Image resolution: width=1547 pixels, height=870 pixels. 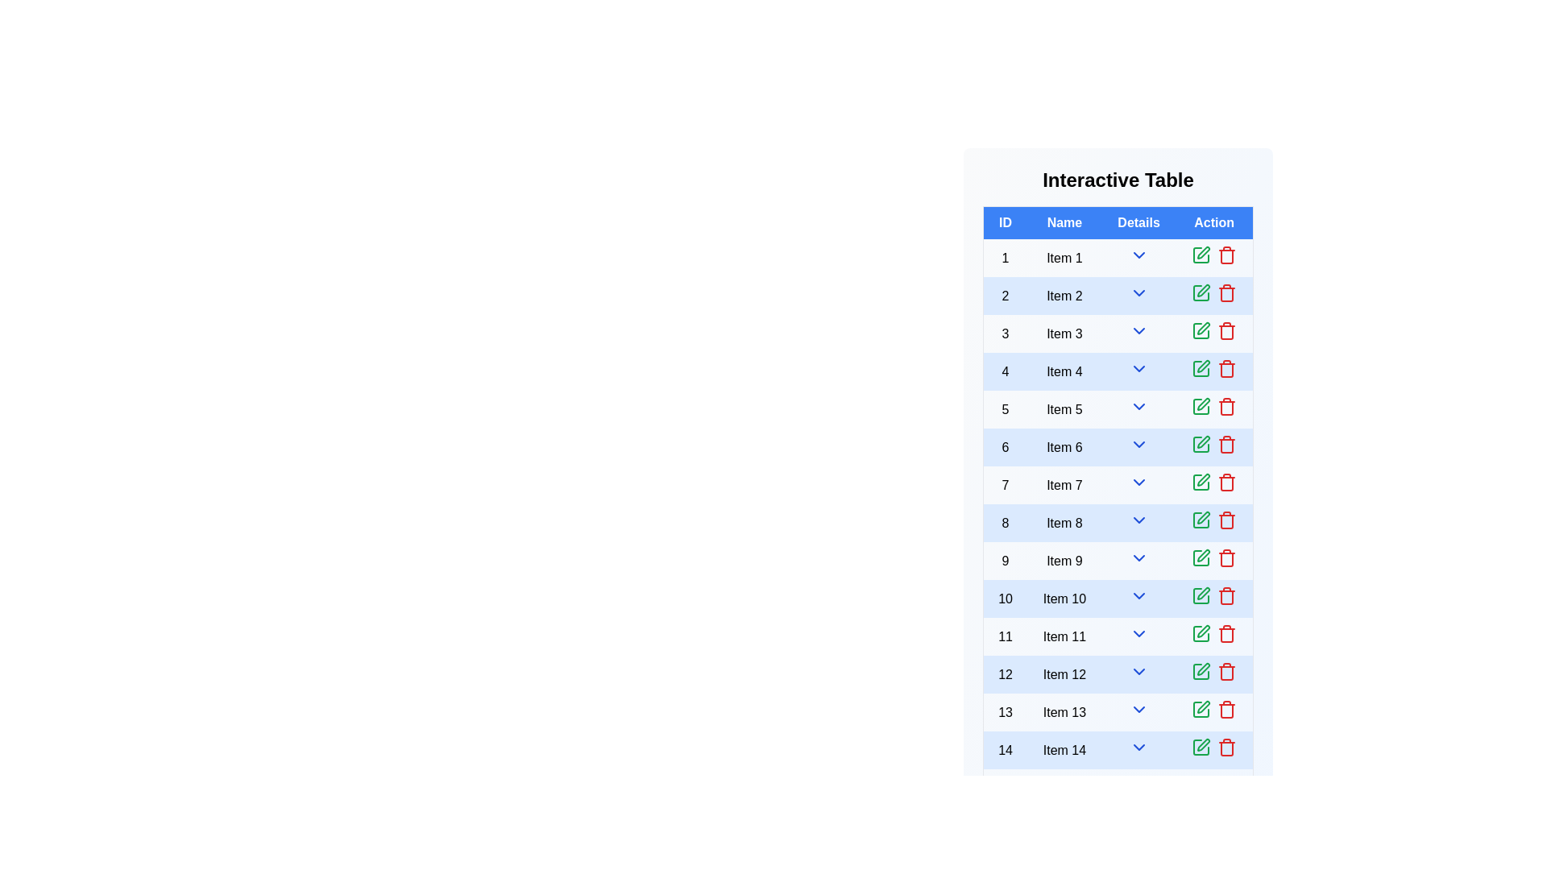 I want to click on the header of the column Details to sort the rows by that column, so click(x=1138, y=222).